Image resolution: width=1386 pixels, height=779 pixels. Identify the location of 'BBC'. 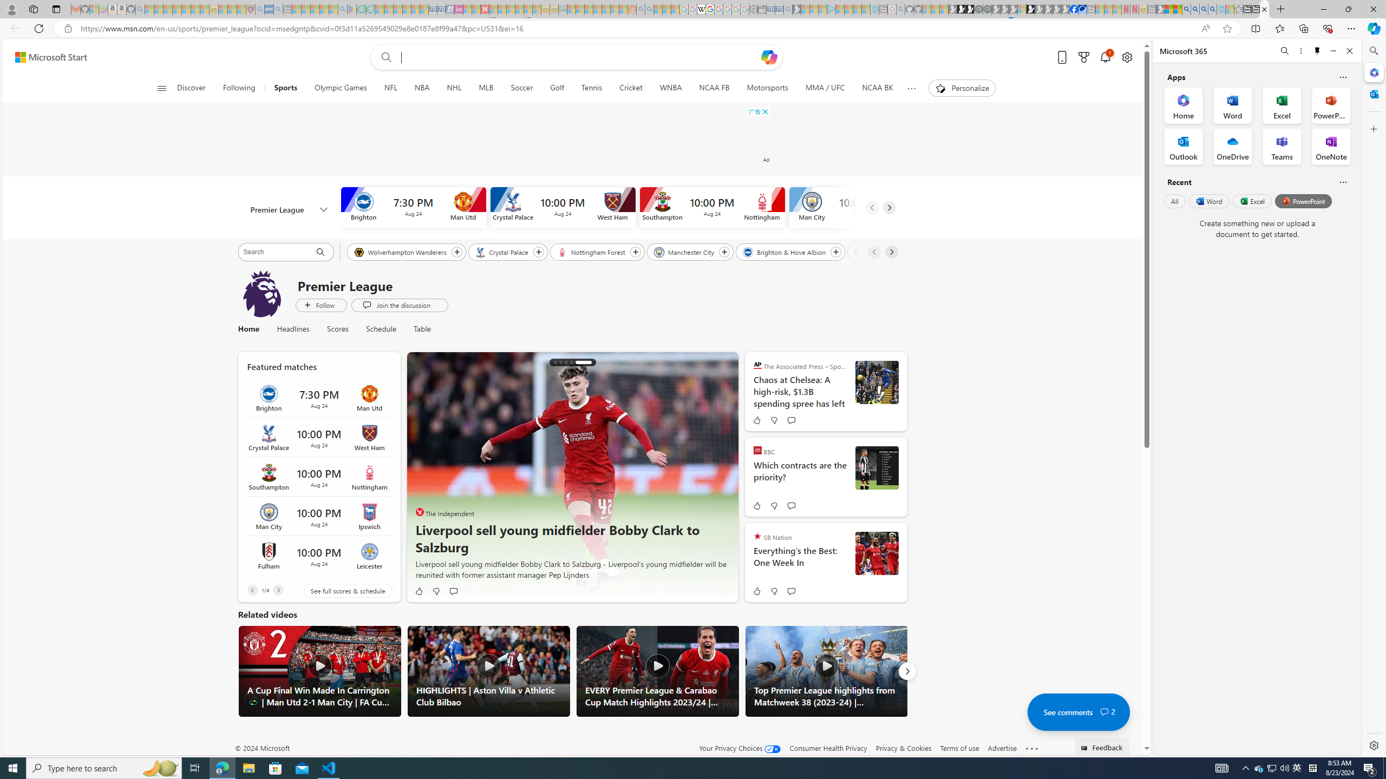
(757, 450).